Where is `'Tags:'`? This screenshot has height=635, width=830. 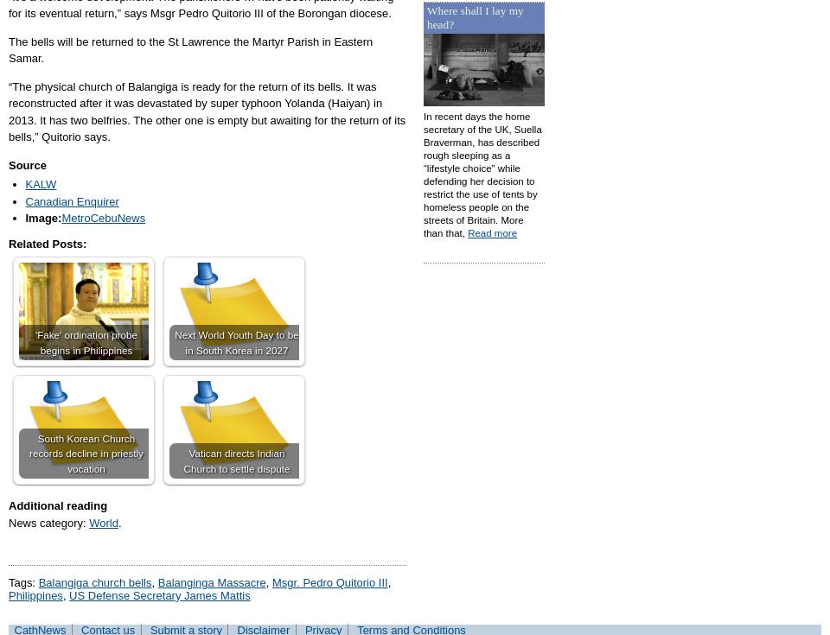 'Tags:' is located at coordinates (22, 581).